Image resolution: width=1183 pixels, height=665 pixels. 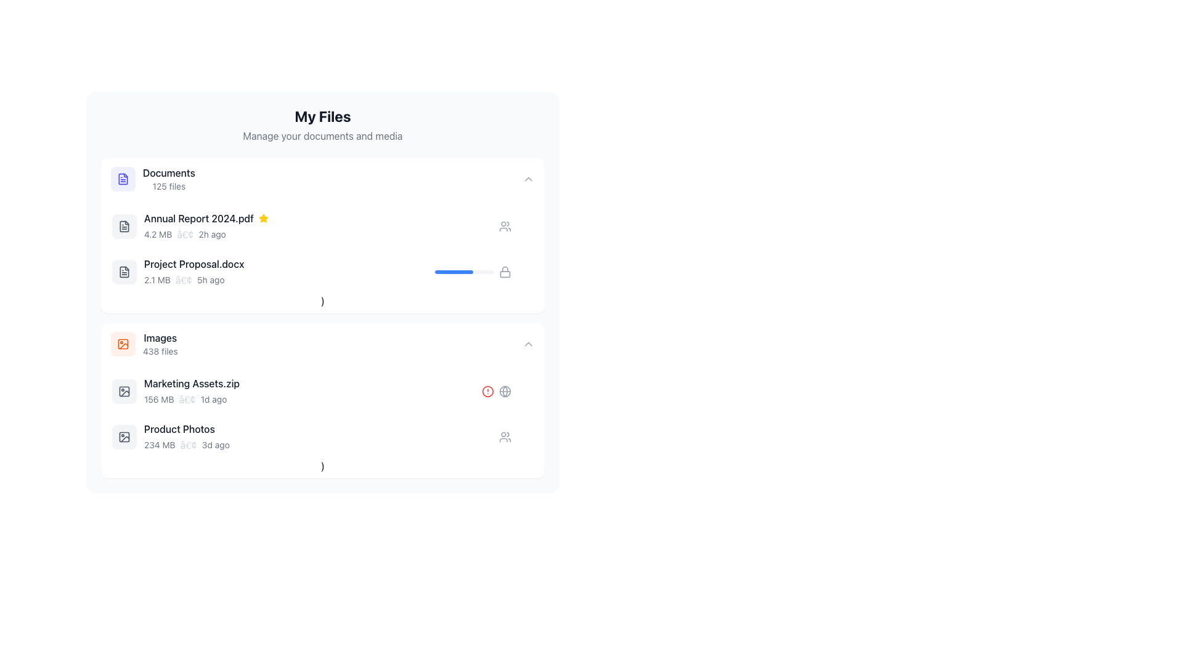 I want to click on the Category Header with Icon and Text that displays 'Documents' and '125 files', so click(x=152, y=179).